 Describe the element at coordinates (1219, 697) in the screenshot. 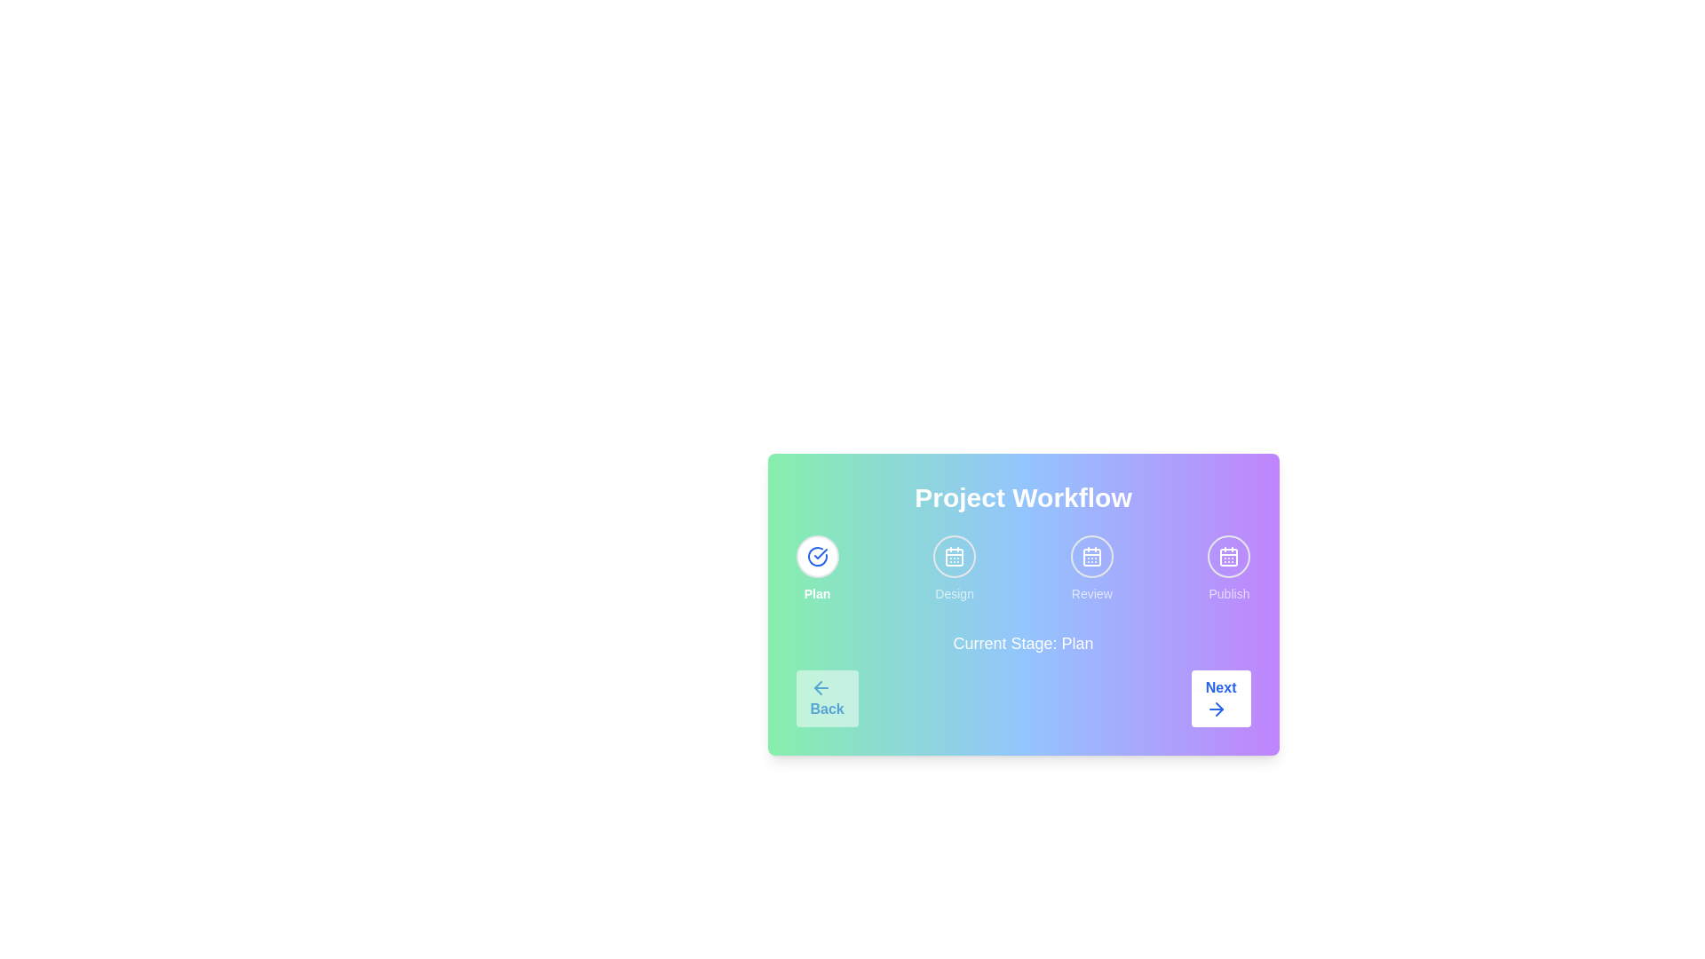

I see `the 'Next' button to navigate to the next stage` at that location.